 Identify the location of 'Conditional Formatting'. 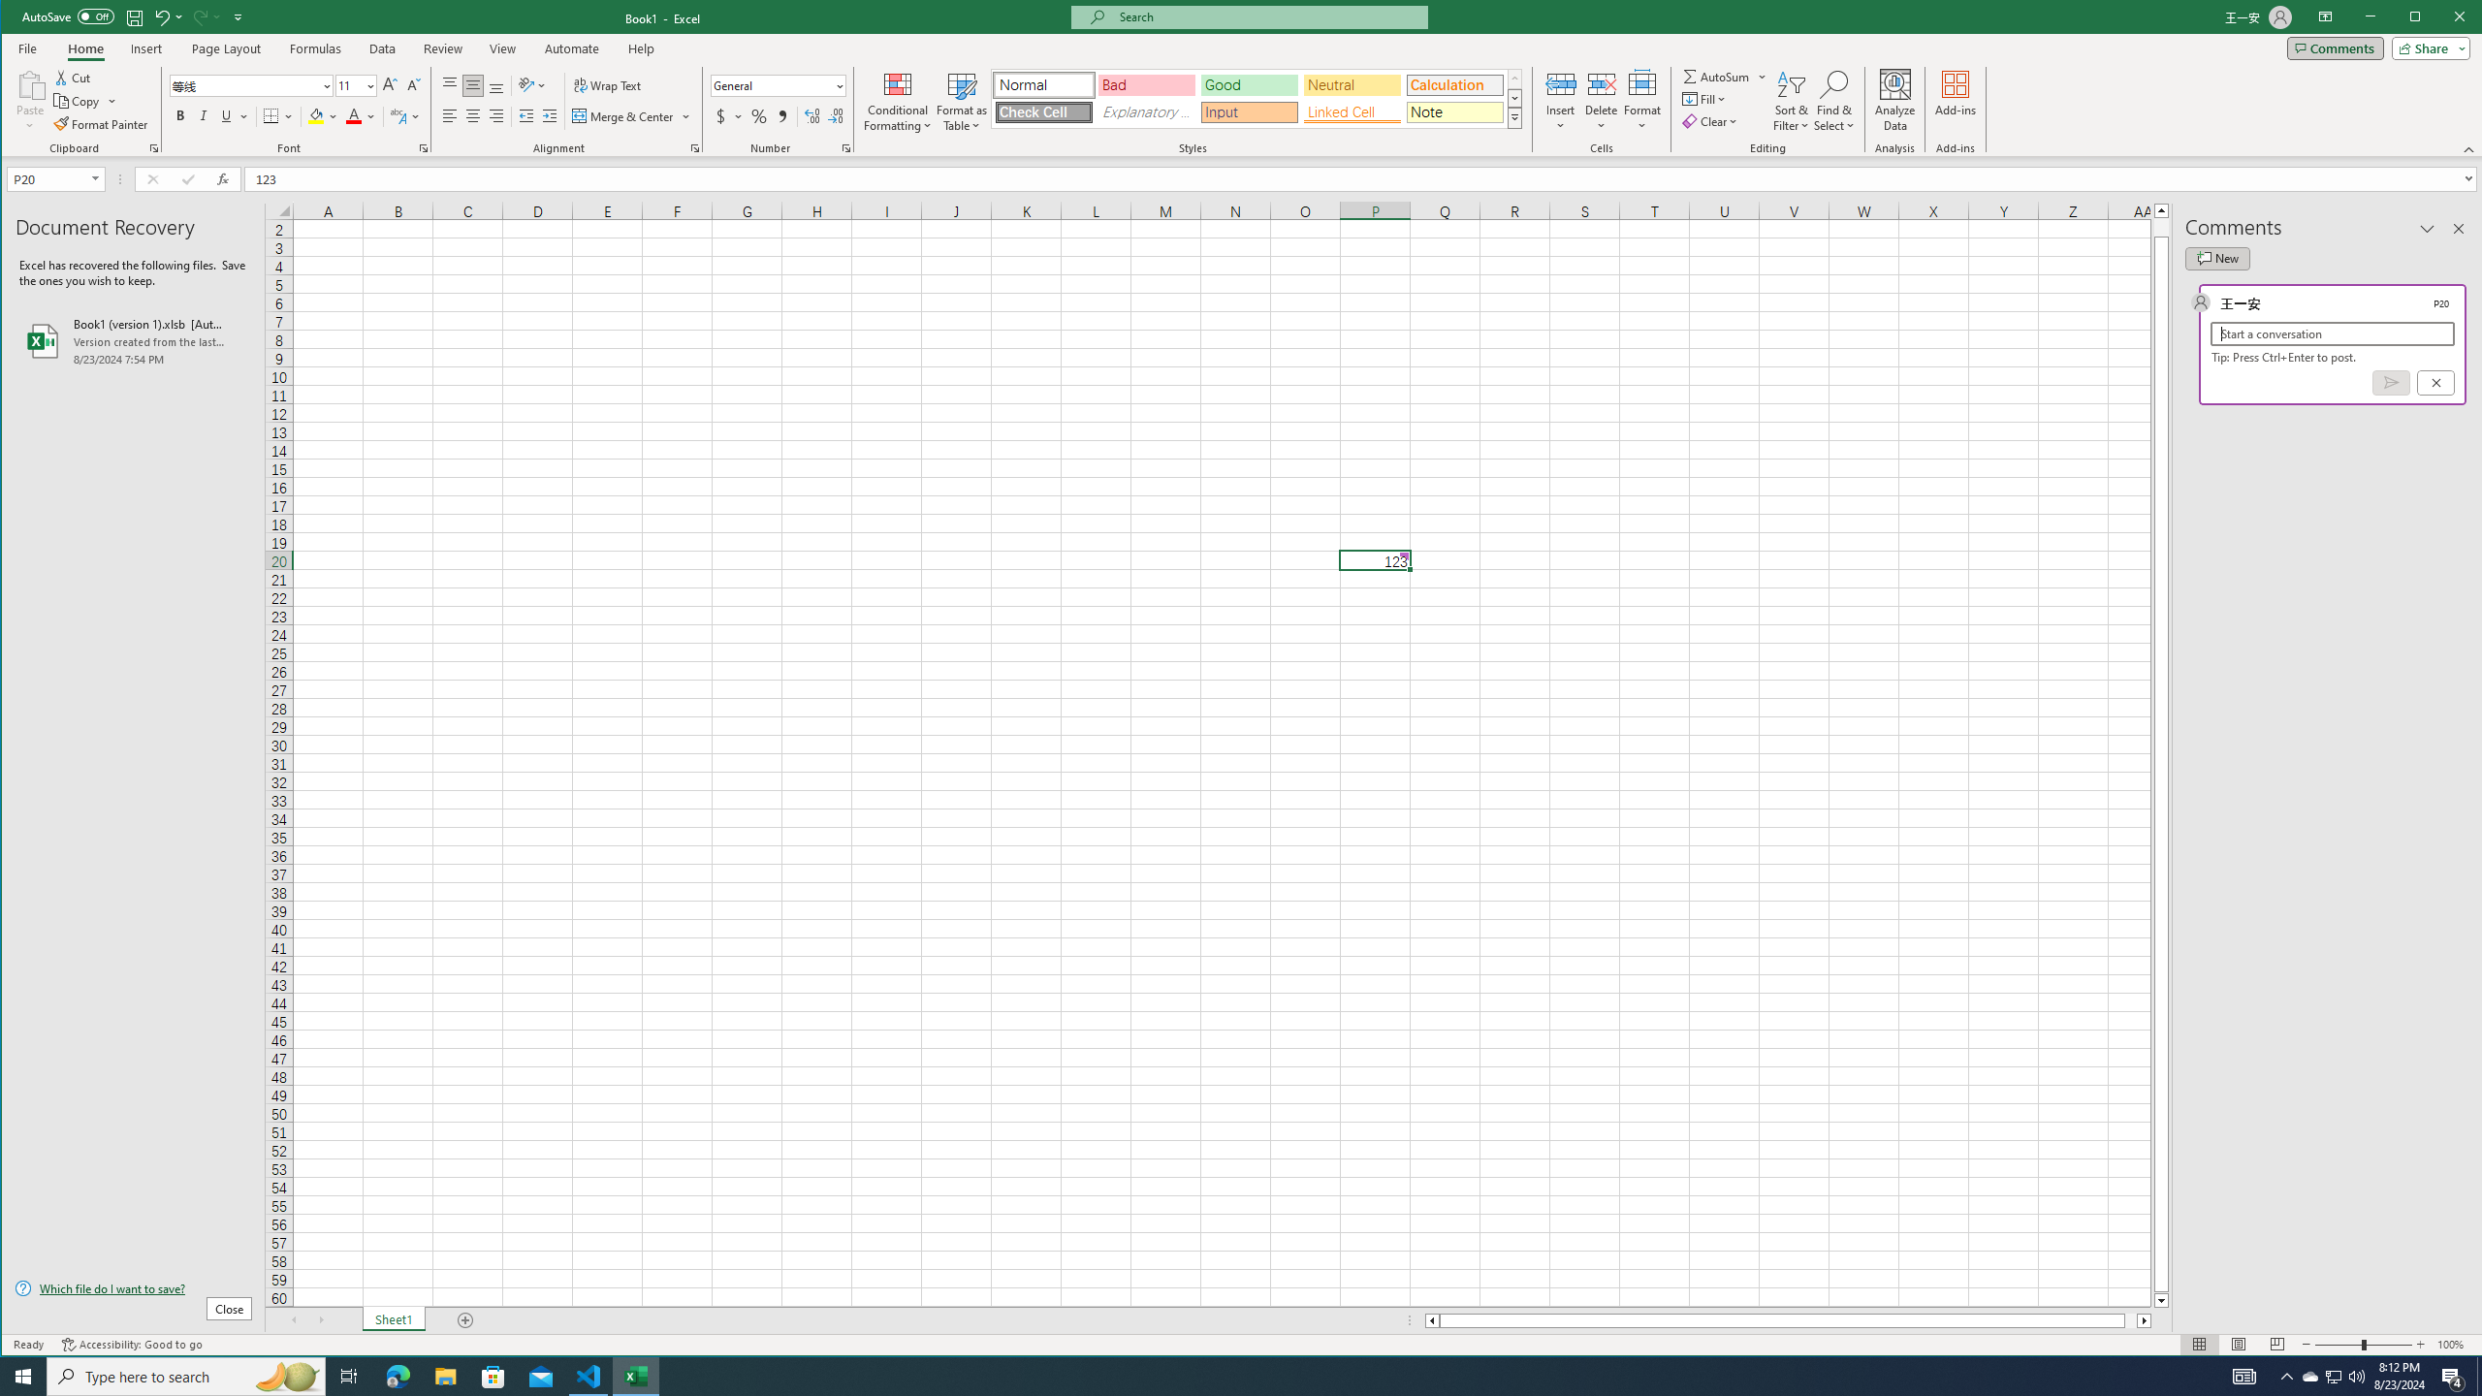
(897, 100).